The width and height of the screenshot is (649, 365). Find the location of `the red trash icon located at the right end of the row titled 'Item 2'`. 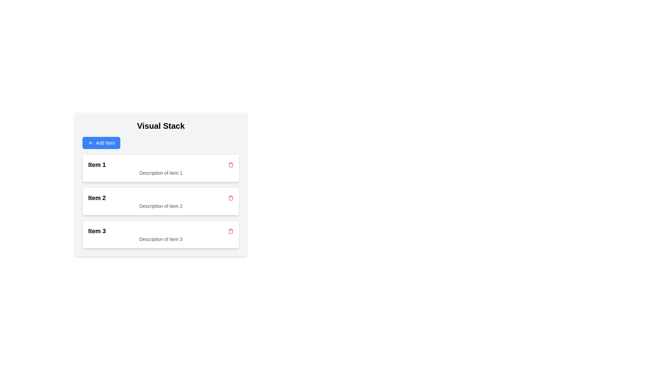

the red trash icon located at the right end of the row titled 'Item 2' is located at coordinates (231, 198).